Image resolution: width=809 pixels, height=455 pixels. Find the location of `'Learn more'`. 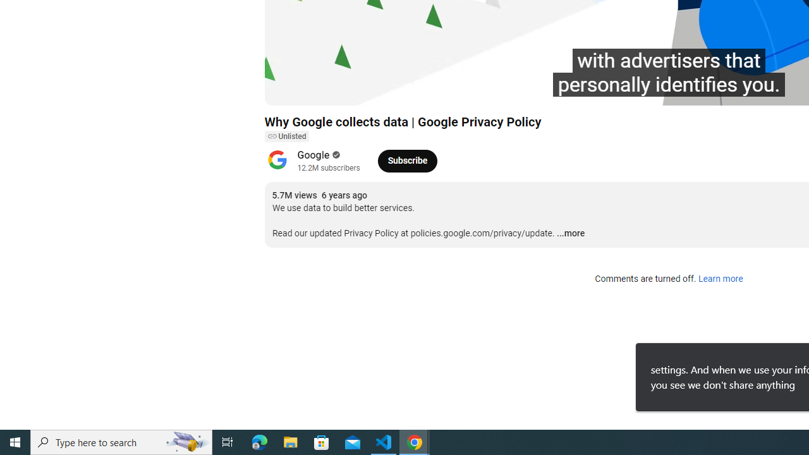

'Learn more' is located at coordinates (720, 279).